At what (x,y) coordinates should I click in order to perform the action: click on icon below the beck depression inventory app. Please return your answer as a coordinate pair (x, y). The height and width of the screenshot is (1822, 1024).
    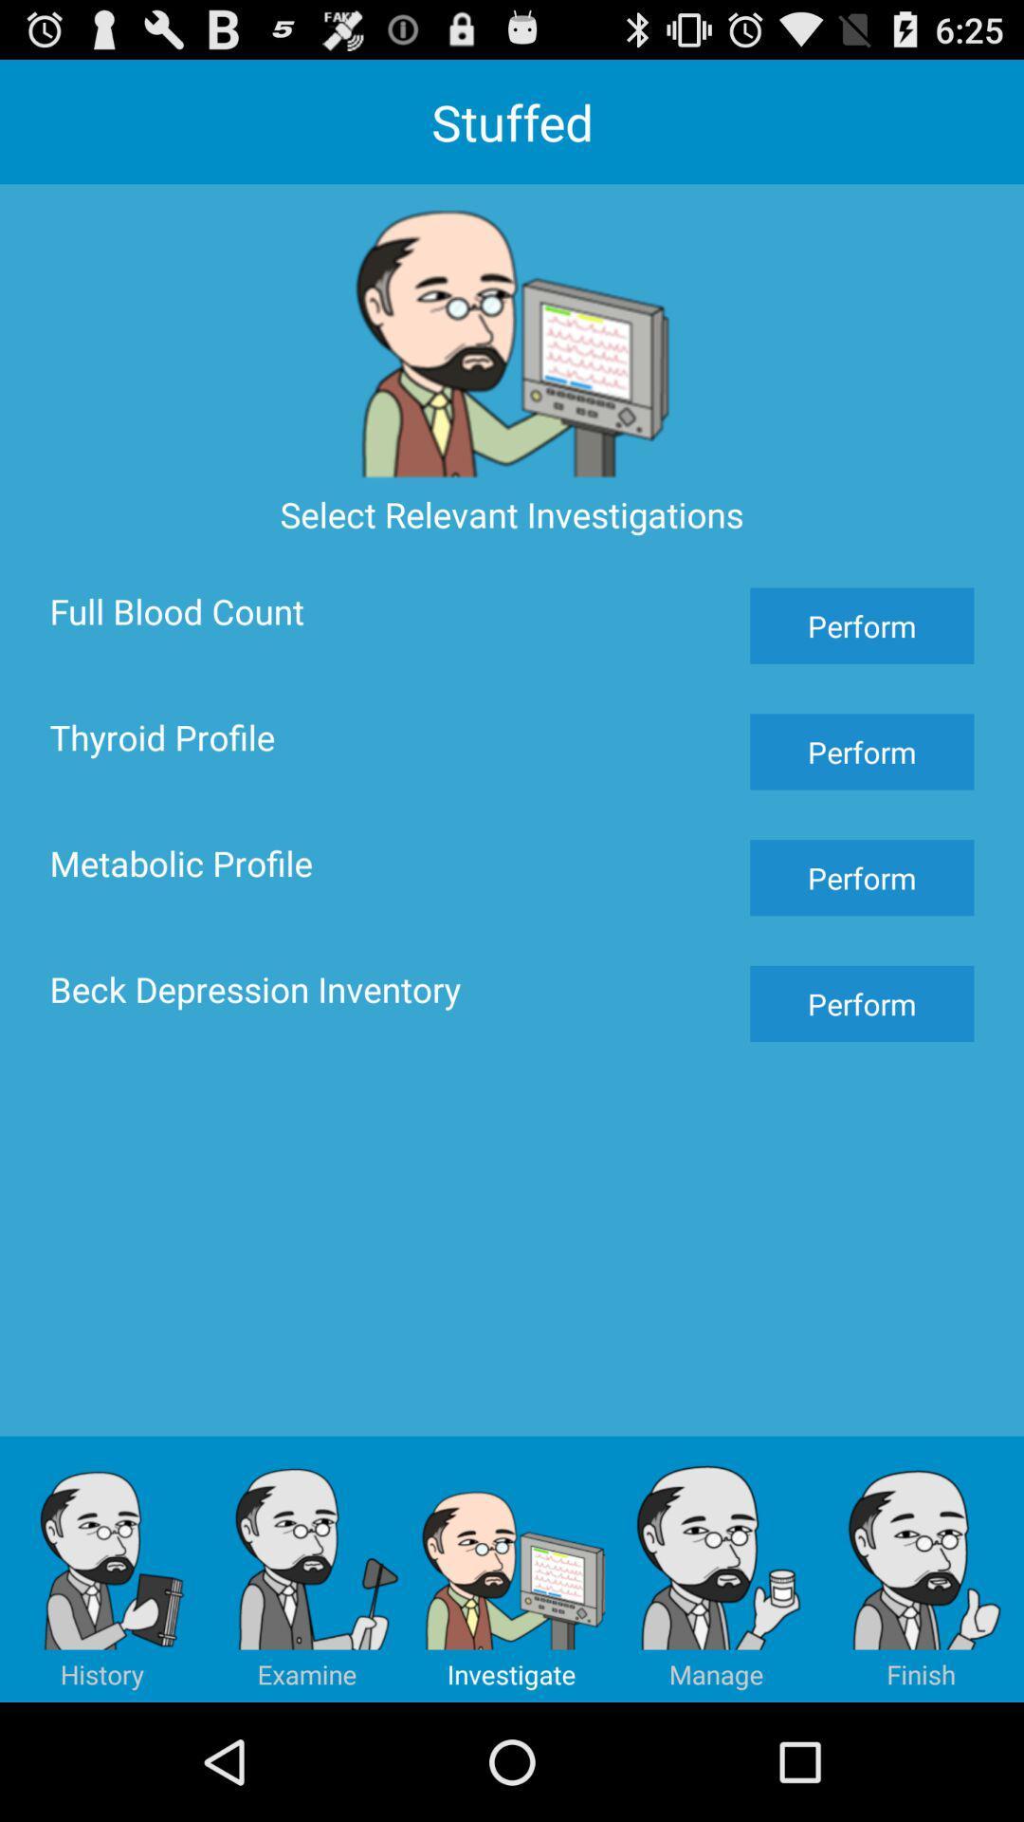
    Looking at the image, I should click on (306, 1569).